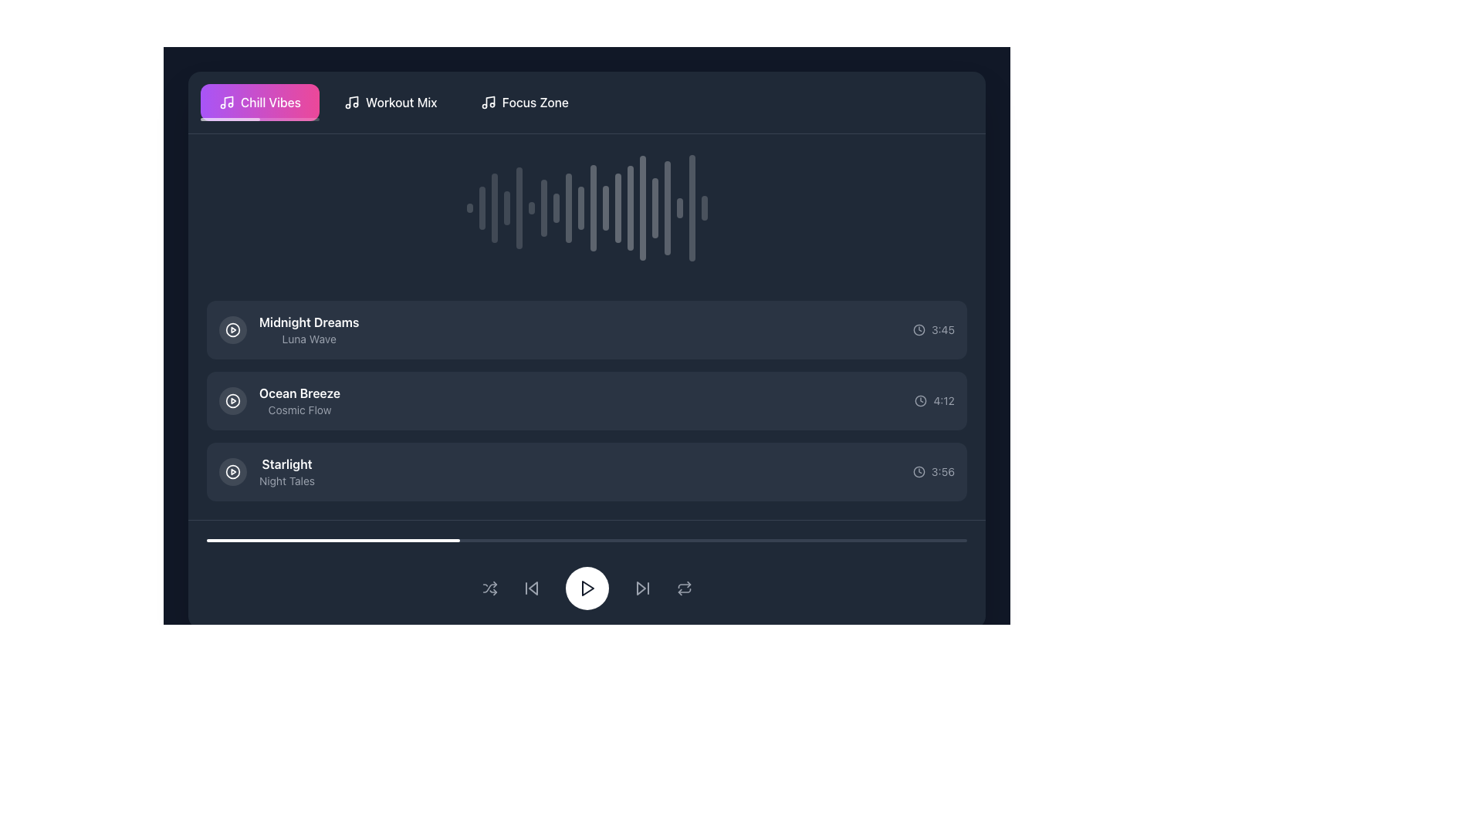  What do you see at coordinates (691, 208) in the screenshot?
I see `the 20th vertical progress bar in the dynamic audio waveform display, which visually represents the amplitude of a sound channel` at bounding box center [691, 208].